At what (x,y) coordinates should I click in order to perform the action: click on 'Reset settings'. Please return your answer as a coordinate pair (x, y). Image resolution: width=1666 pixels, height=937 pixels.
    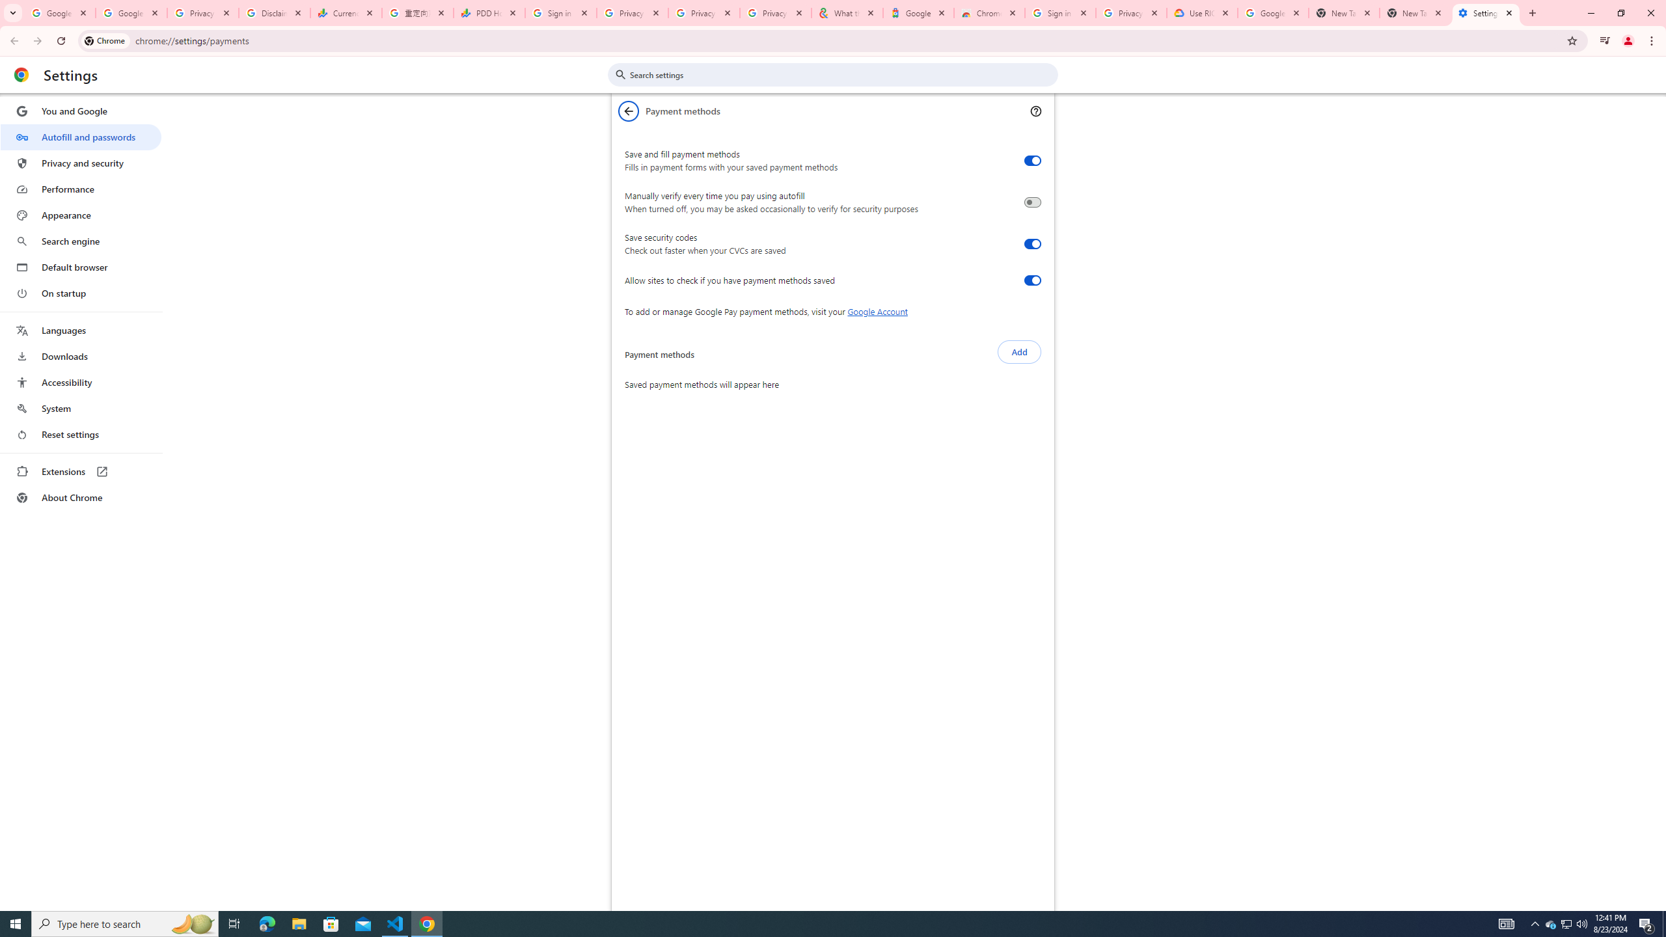
    Looking at the image, I should click on (80, 434).